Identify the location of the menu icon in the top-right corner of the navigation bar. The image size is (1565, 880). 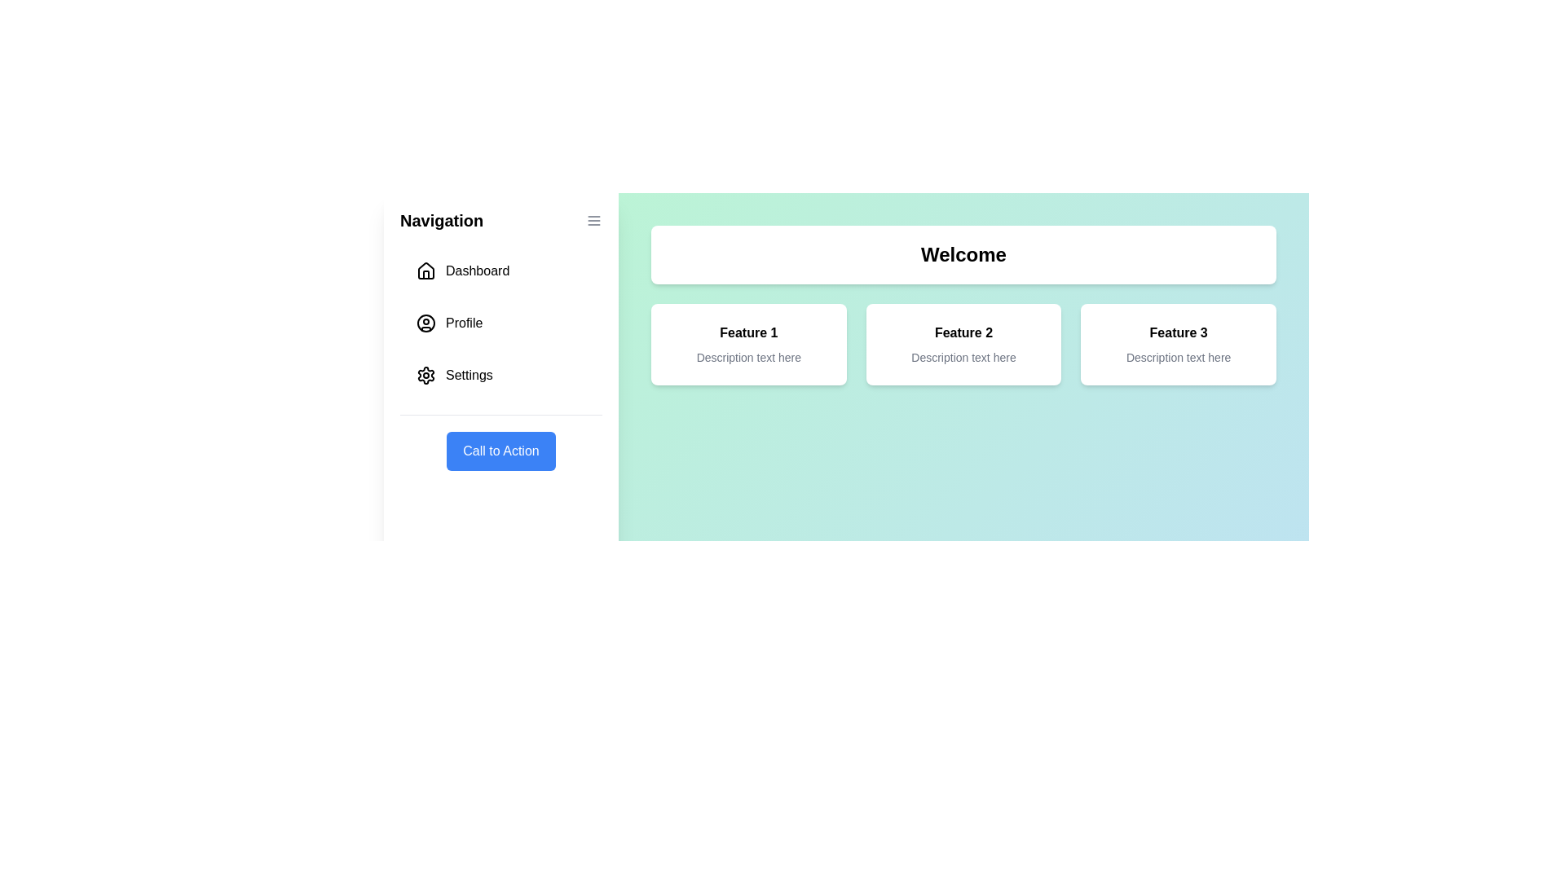
(593, 220).